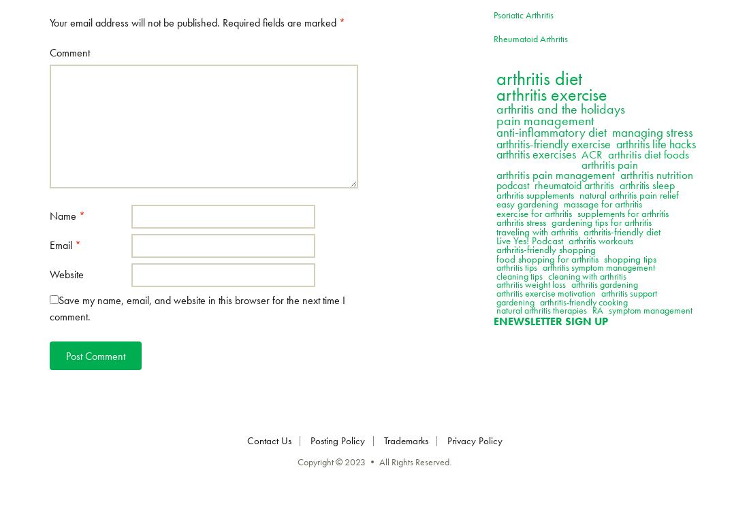 This screenshot has height=517, width=749. Describe the element at coordinates (549, 320) in the screenshot. I see `'Enewsletter Sign Up'` at that location.